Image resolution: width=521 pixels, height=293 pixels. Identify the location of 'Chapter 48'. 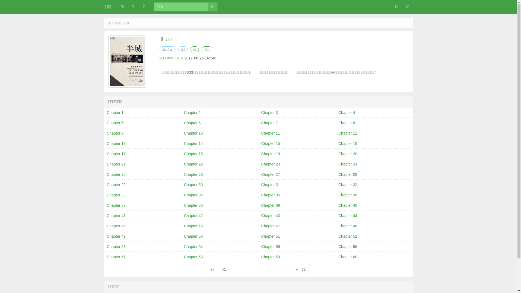
(374, 226).